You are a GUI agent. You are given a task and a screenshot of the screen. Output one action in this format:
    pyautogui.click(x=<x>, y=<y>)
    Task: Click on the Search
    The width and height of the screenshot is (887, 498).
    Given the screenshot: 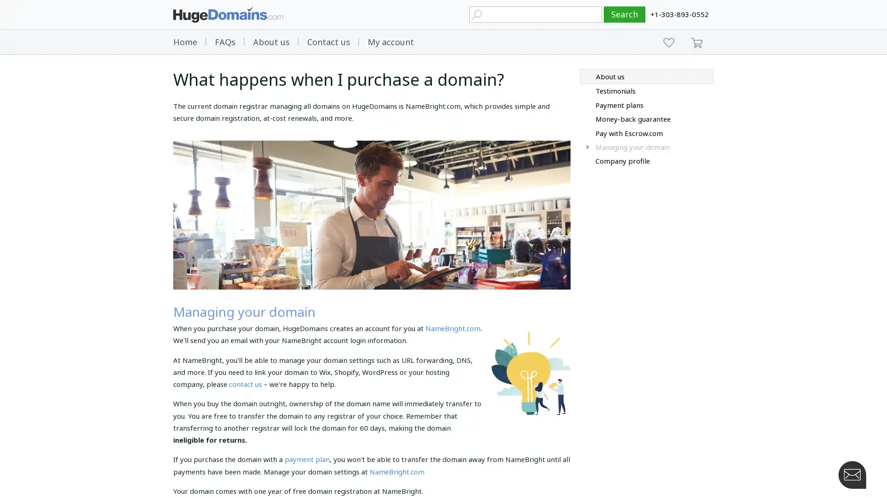 What is the action you would take?
    pyautogui.click(x=625, y=14)
    